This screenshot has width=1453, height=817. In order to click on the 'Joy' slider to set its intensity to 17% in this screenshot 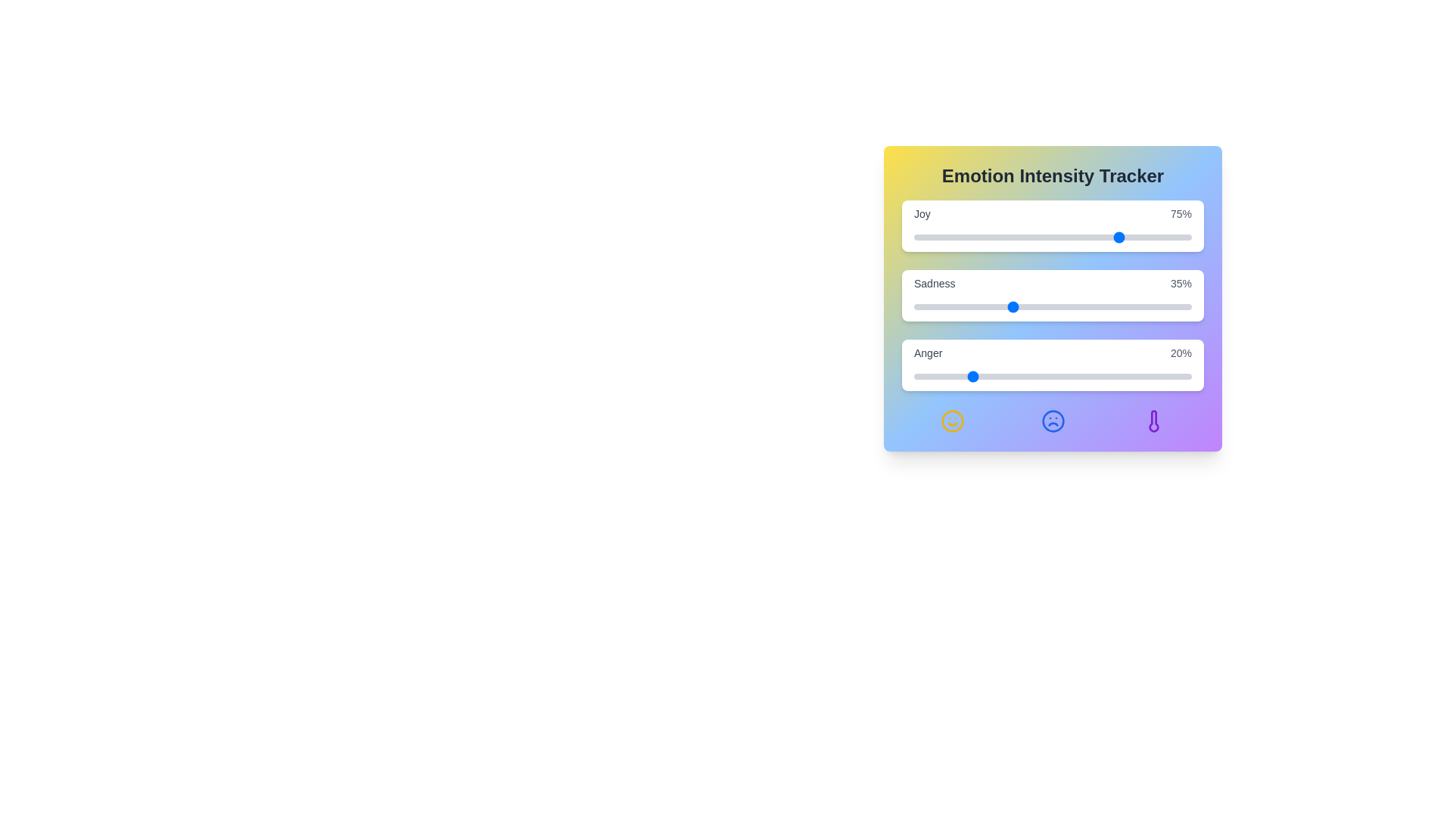, I will do `click(960, 237)`.